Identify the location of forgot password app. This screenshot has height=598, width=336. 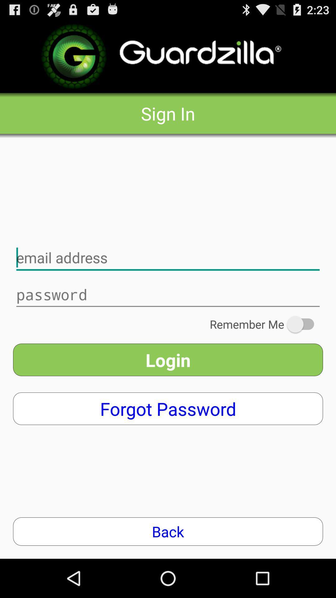
(168, 409).